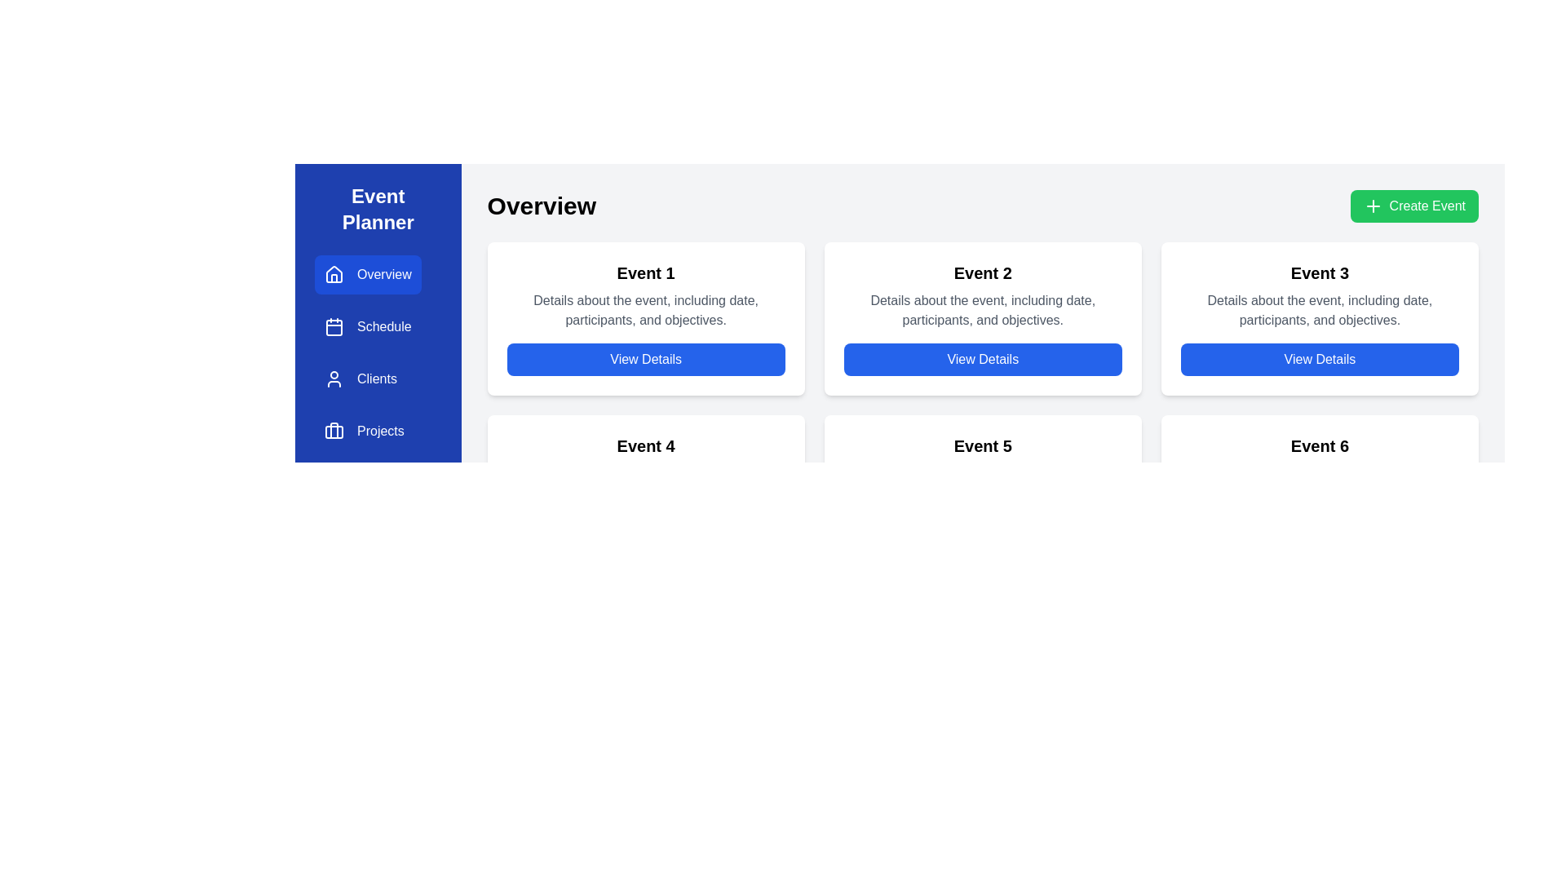 This screenshot has width=1566, height=881. I want to click on the text block that conveys information about the event, located, so click(645, 295).